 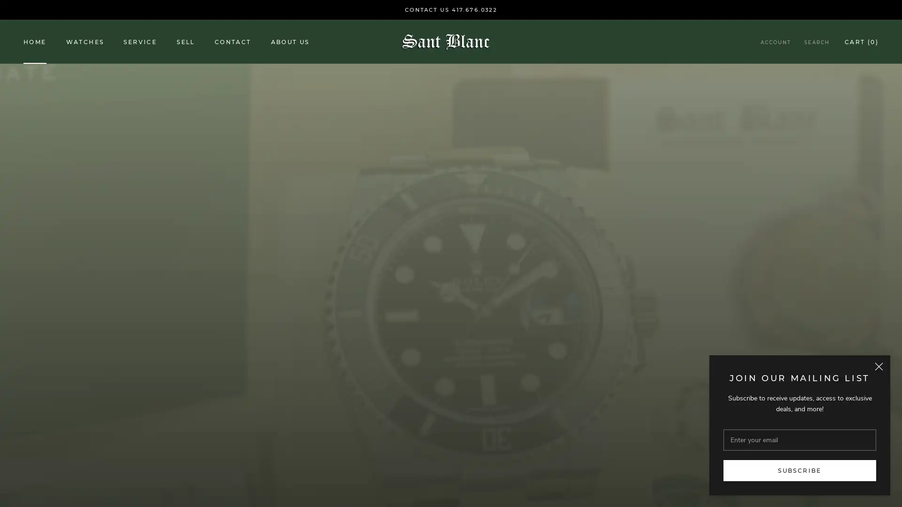 What do you see at coordinates (879, 366) in the screenshot?
I see `Close` at bounding box center [879, 366].